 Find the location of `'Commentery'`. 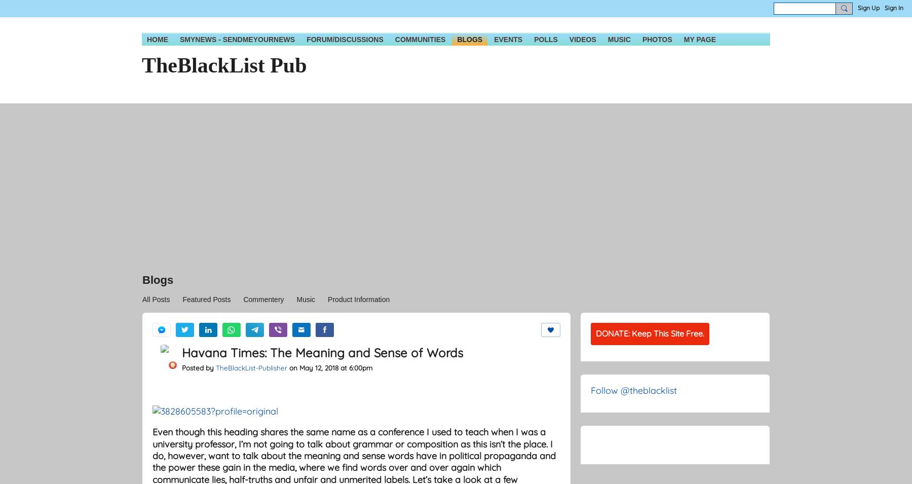

'Commentery' is located at coordinates (263, 299).